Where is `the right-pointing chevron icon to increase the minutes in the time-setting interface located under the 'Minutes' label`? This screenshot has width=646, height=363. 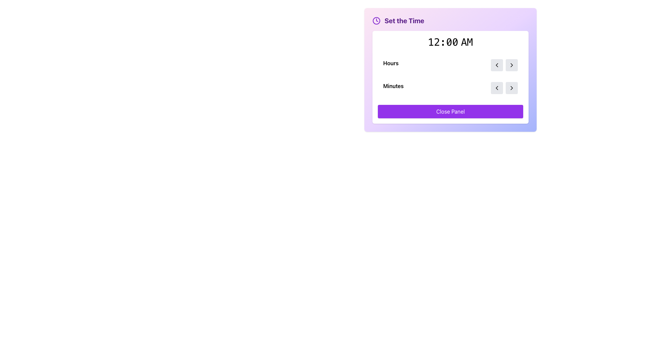
the right-pointing chevron icon to increase the minutes in the time-setting interface located under the 'Minutes' label is located at coordinates (504, 88).